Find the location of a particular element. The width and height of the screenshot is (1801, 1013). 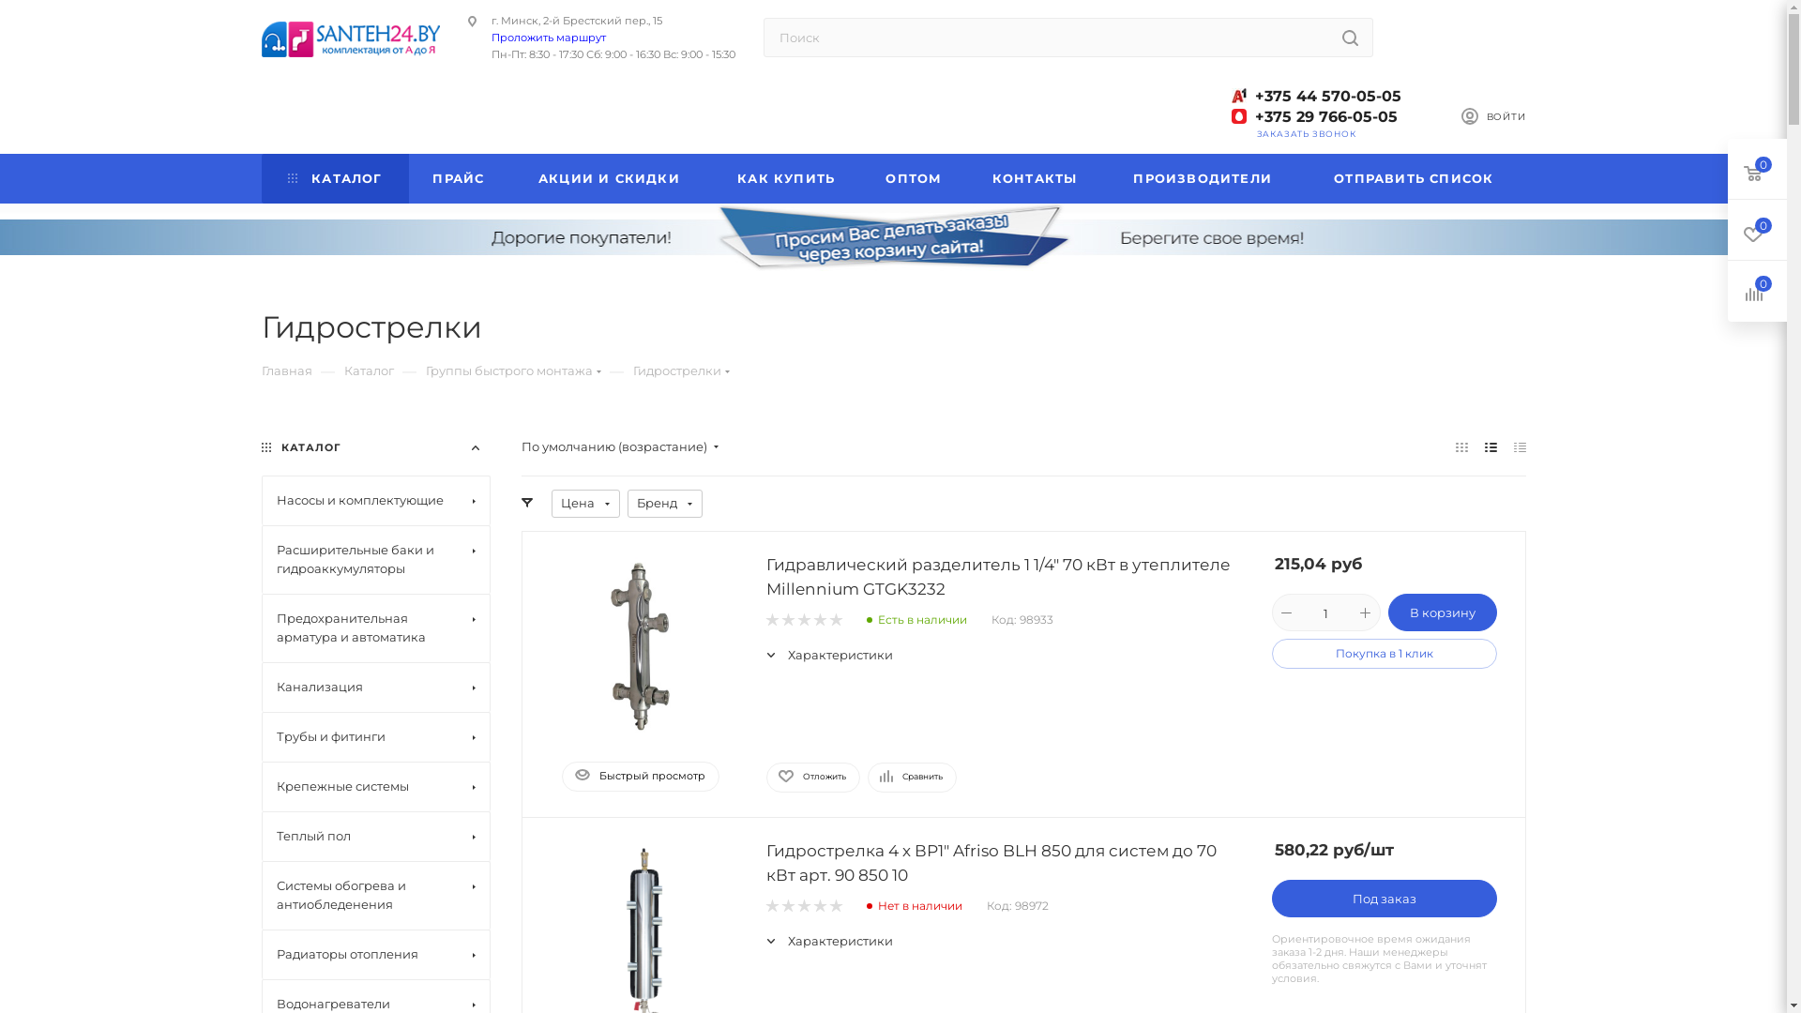

'+375 44 570-05-05' is located at coordinates (1315, 97).